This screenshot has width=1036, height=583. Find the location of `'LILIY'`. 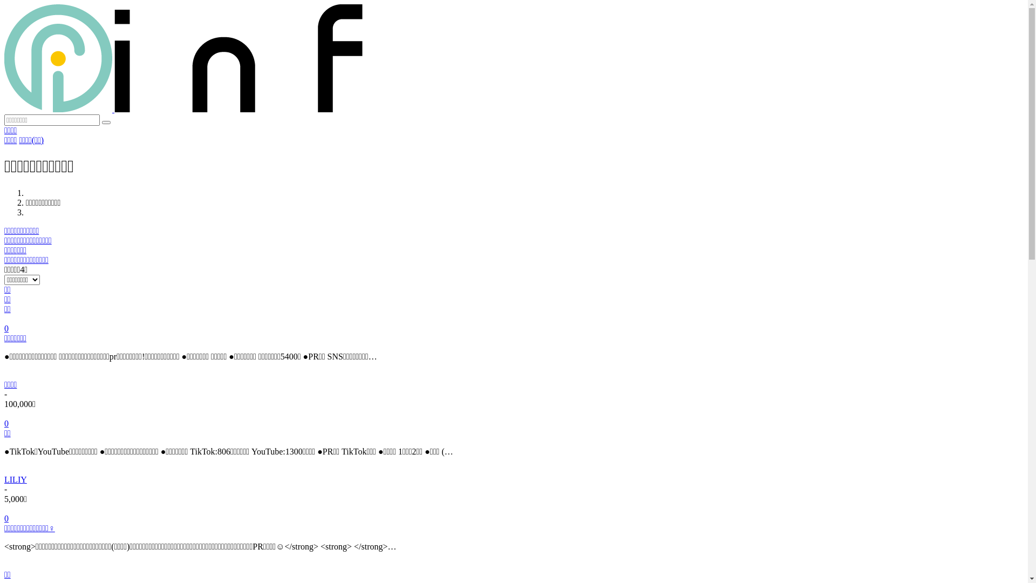

'LILIY' is located at coordinates (4, 479).